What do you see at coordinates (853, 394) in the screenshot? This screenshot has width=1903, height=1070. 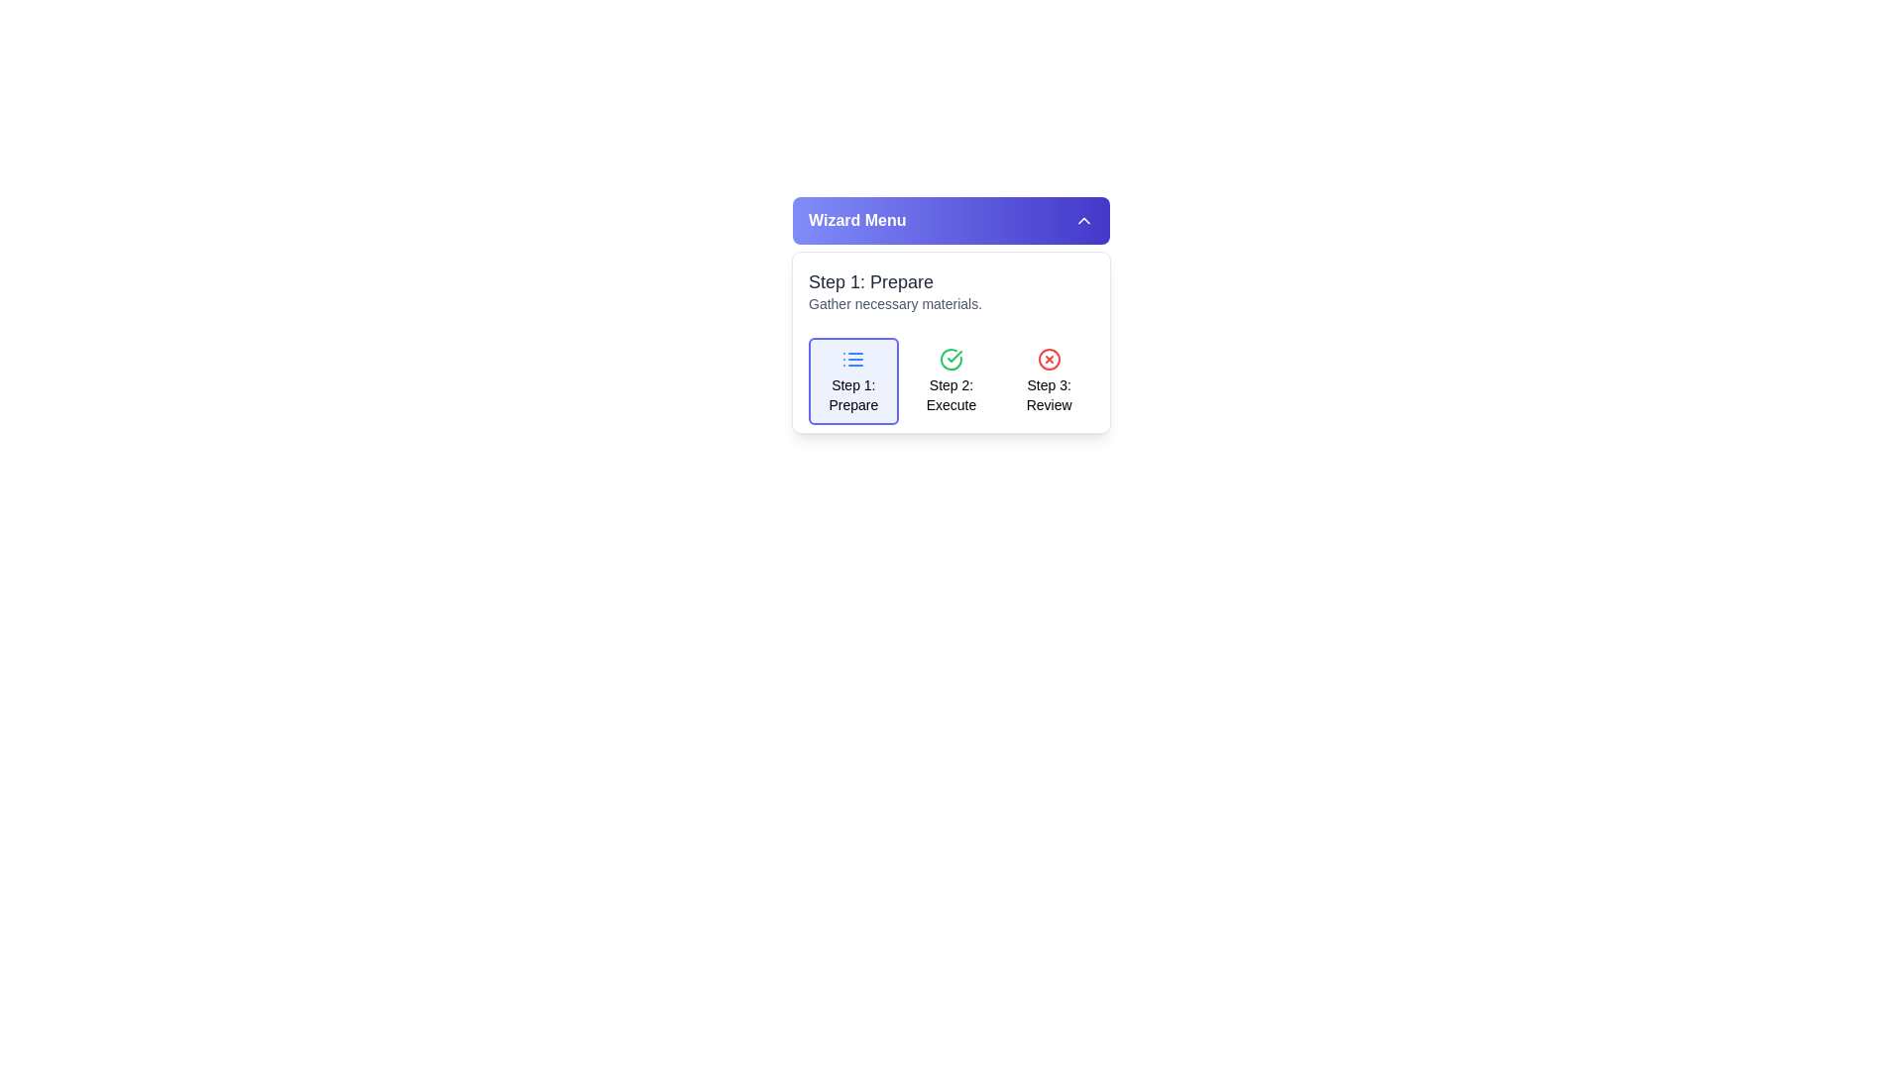 I see `the descriptive text label indicating the first step of the process, which is located below the blue list icon and above the steps 'Step 2: Execute' and 'Step 3: Review'` at bounding box center [853, 394].